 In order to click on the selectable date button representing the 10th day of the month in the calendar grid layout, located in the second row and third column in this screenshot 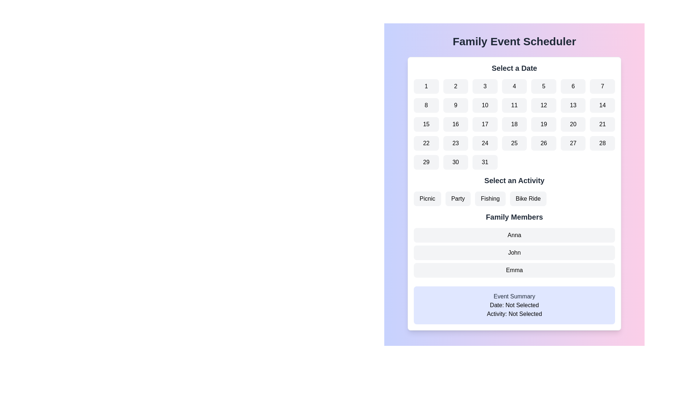, I will do `click(485, 105)`.